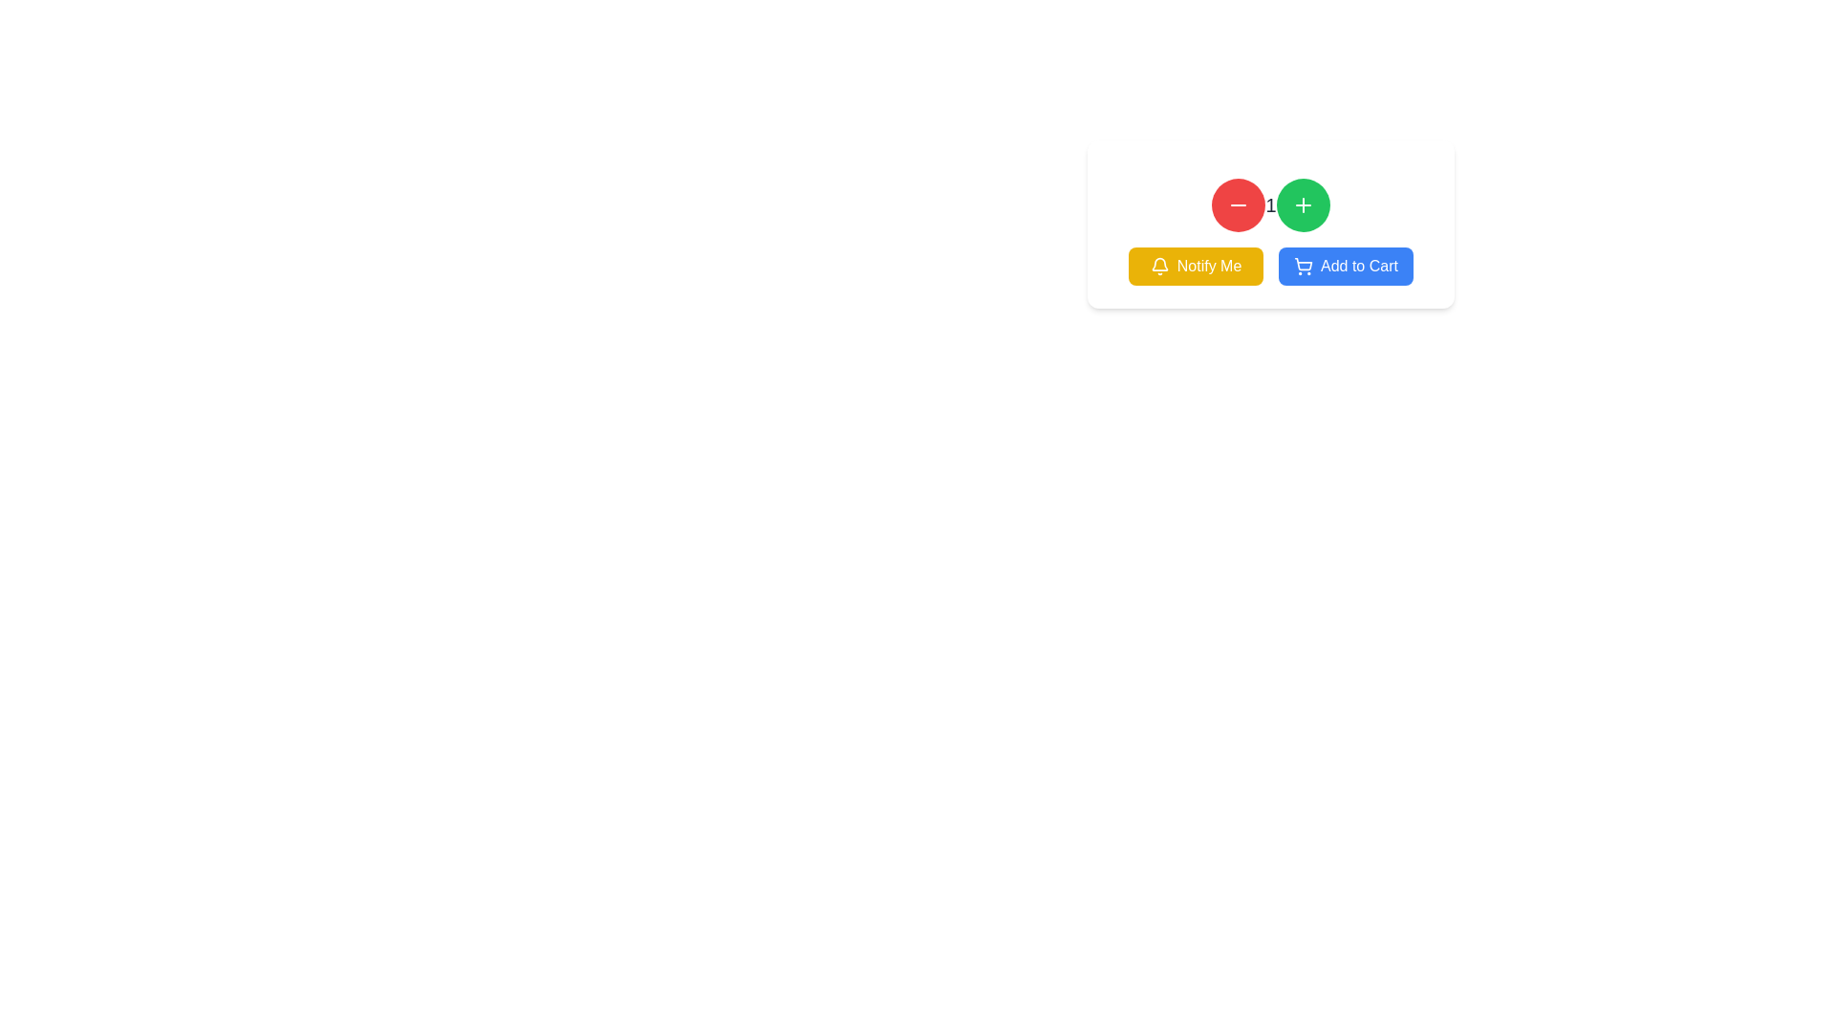 This screenshot has width=1835, height=1032. Describe the element at coordinates (1239, 205) in the screenshot. I see `the red circular button with a white horizontal line icon` at that location.